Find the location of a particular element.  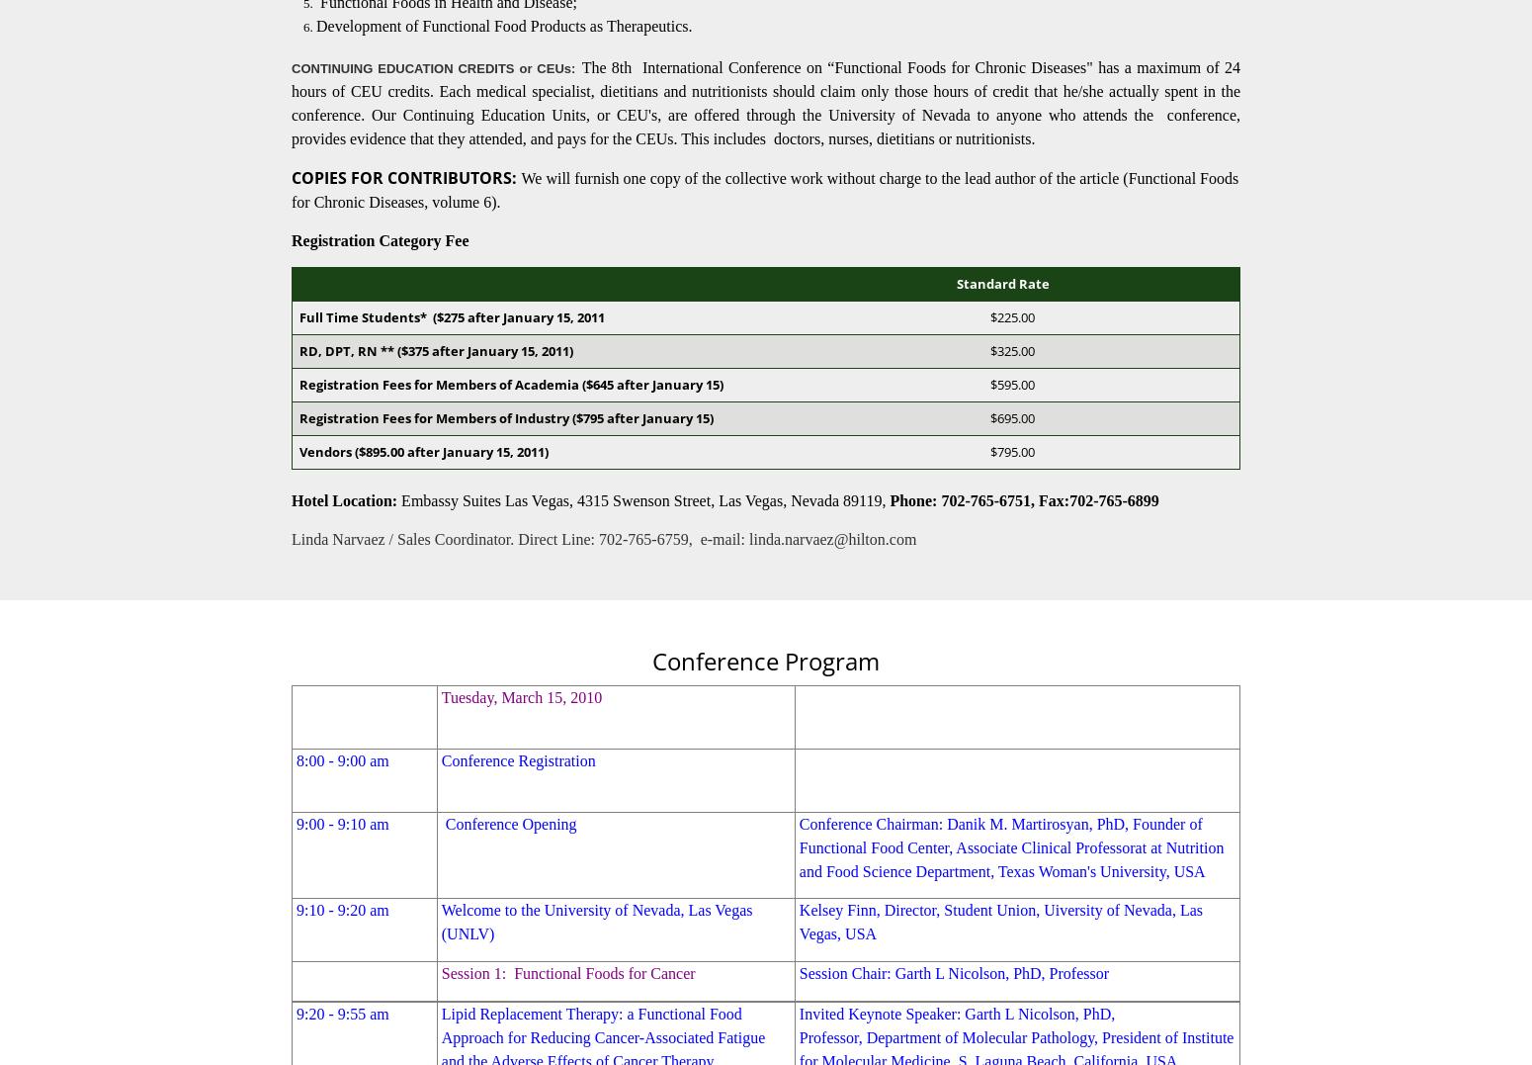

'Linda Narvaez / Sales Coordinator. Direct Line: 702-765-6759' is located at coordinates (488, 538).